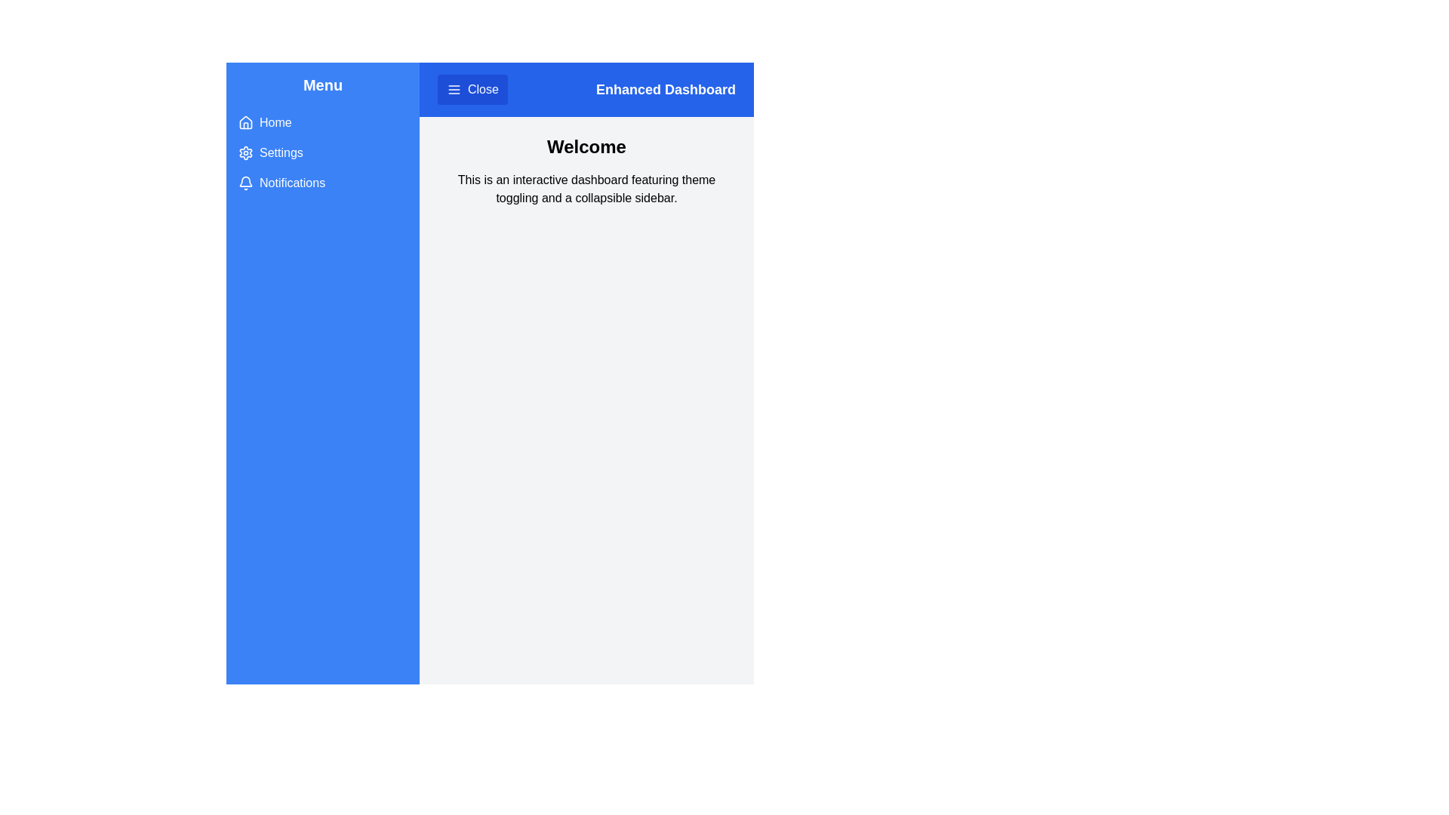 This screenshot has width=1449, height=815. Describe the element at coordinates (246, 153) in the screenshot. I see `the Gear/Settings icon located to the left of the 'Settings' text in the sidebar menu` at that location.